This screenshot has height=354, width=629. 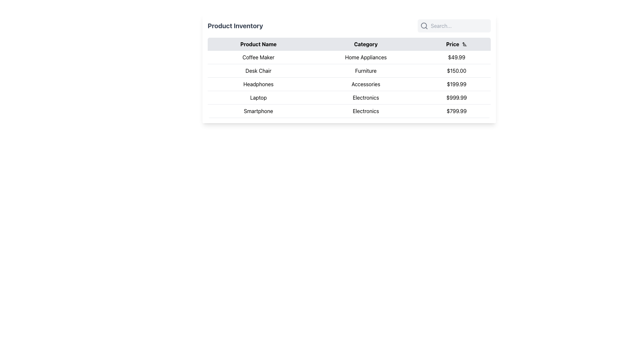 I want to click on to select the third product row displaying 'Headphones' in the product name, 'Accessories' in the category, and '$199.99' in the price, so click(x=349, y=84).